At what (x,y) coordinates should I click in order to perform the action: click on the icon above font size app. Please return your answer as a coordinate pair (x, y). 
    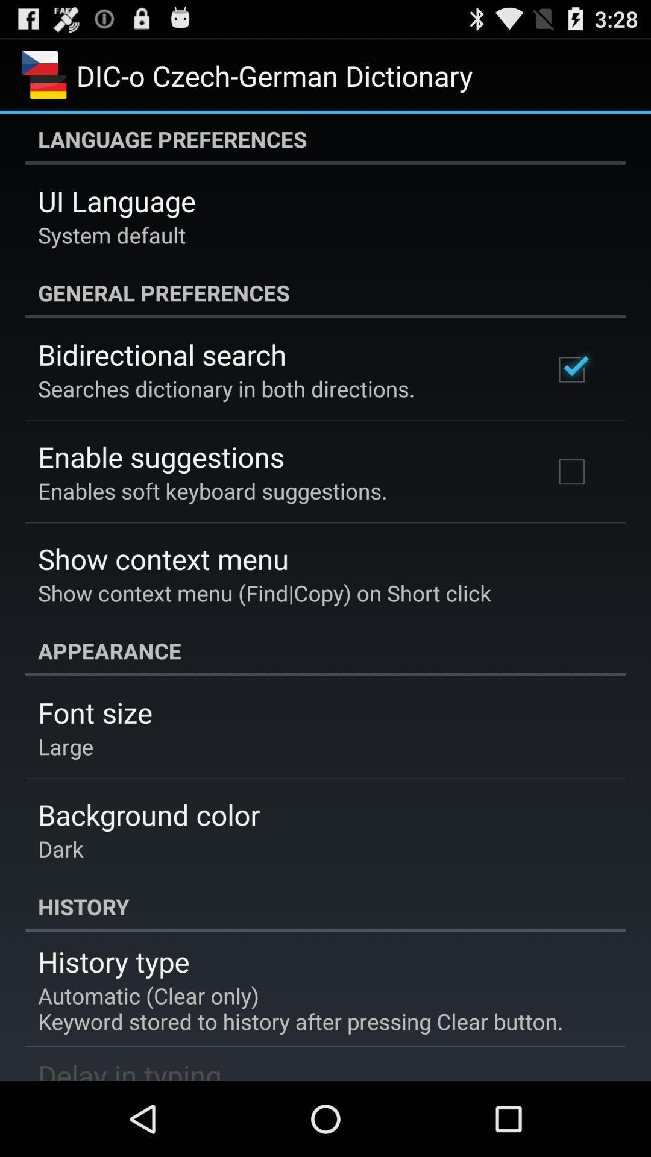
    Looking at the image, I should click on (325, 650).